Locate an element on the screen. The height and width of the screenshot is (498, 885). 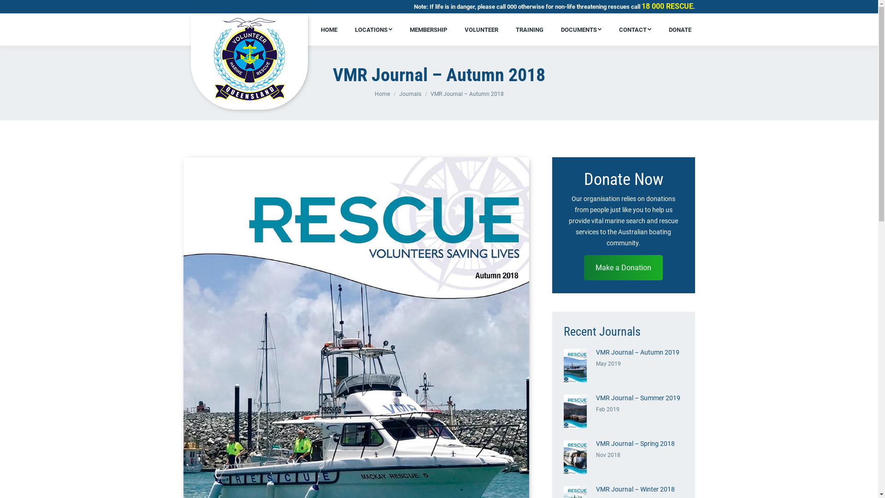
'VOLUNTEER' is located at coordinates (481, 29).